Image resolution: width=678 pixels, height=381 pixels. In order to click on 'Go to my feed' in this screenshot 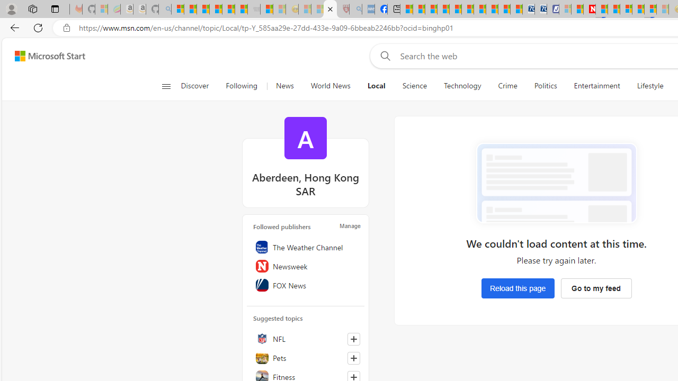, I will do `click(596, 288)`.